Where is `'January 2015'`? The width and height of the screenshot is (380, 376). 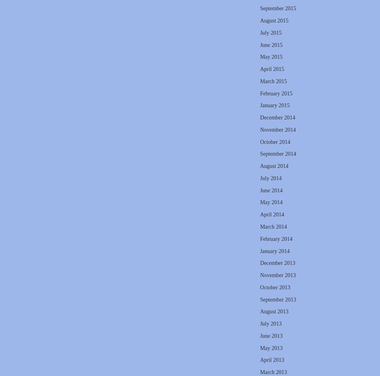 'January 2015' is located at coordinates (260, 105).